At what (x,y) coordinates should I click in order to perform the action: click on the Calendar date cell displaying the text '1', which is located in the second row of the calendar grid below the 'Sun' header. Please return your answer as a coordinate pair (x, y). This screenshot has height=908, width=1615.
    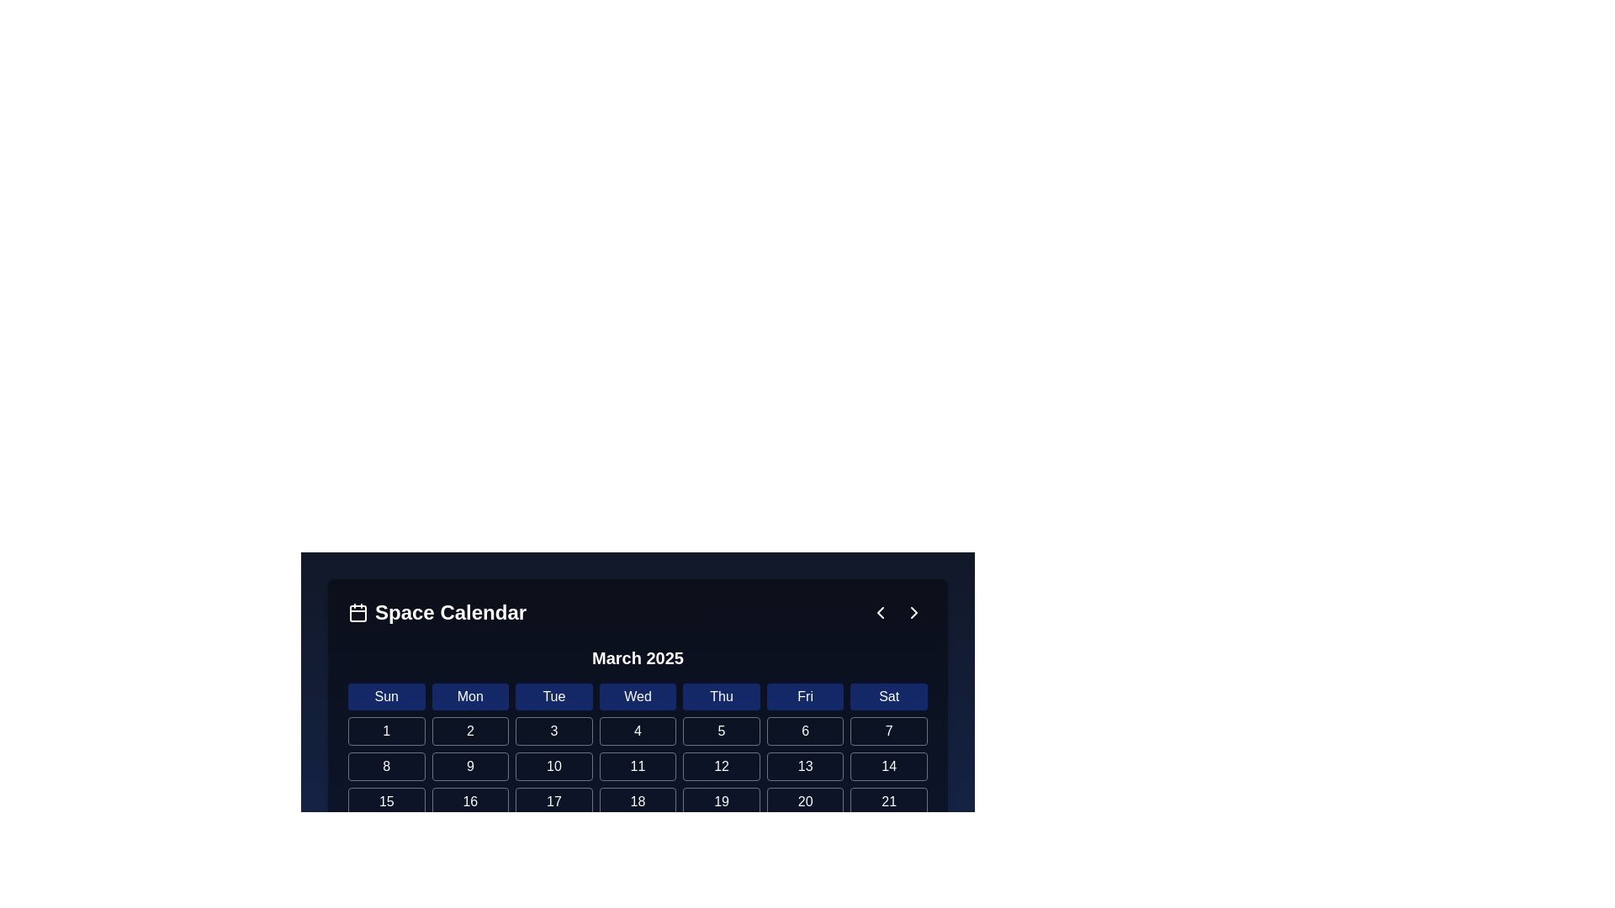
    Looking at the image, I should click on (385, 731).